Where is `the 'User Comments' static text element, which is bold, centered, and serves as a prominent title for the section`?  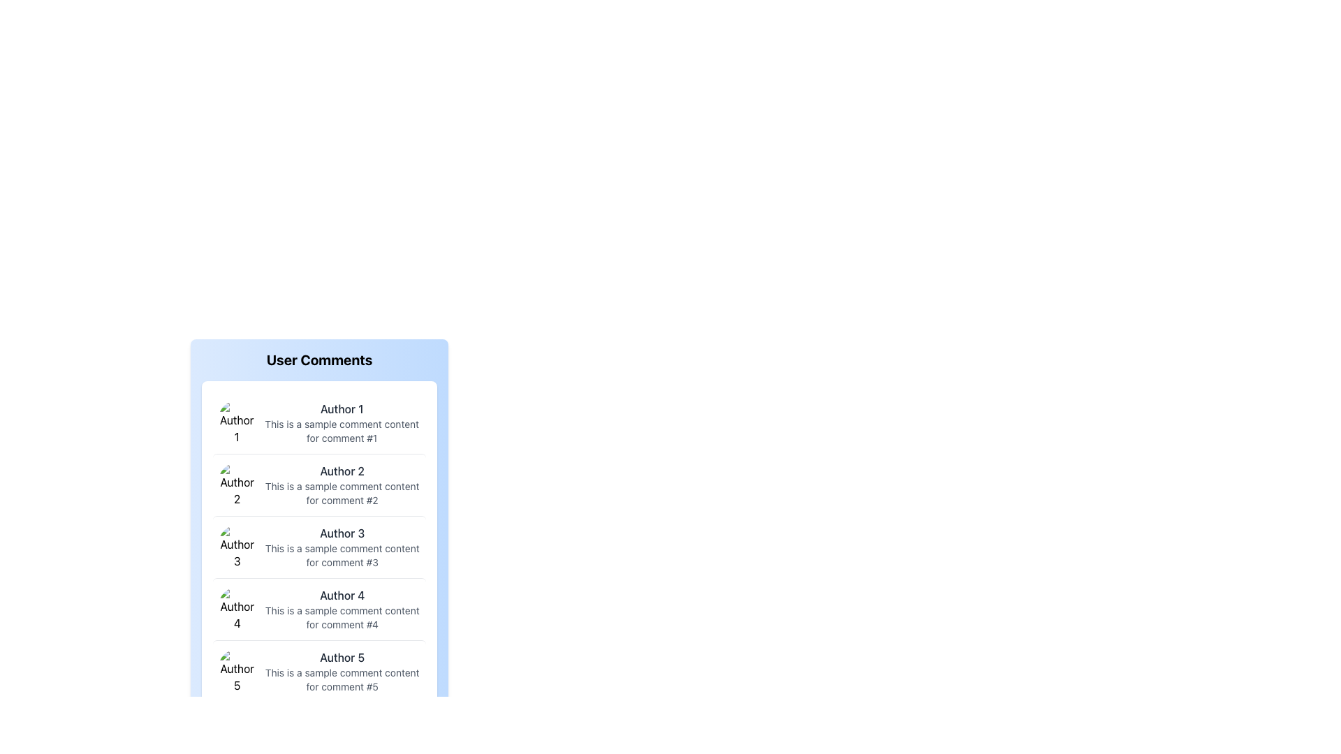 the 'User Comments' static text element, which is bold, centered, and serves as a prominent title for the section is located at coordinates (318, 365).